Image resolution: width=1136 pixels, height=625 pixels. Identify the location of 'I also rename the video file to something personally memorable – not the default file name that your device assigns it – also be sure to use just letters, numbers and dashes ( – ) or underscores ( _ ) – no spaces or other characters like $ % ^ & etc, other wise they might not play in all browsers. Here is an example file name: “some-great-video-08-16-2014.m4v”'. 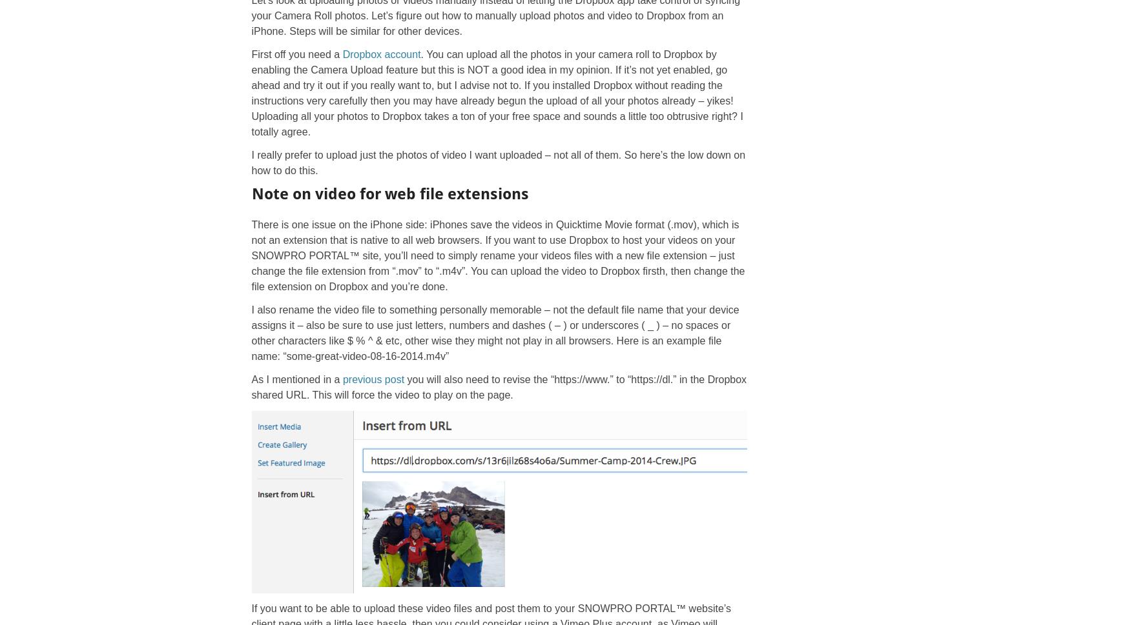
(495, 332).